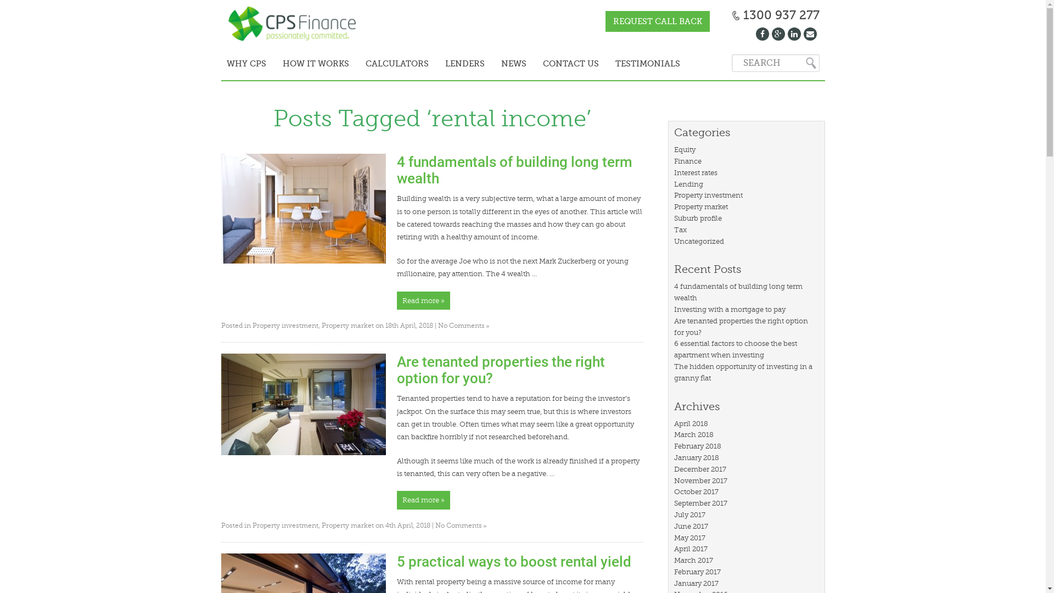  I want to click on 'September 2017', so click(674, 503).